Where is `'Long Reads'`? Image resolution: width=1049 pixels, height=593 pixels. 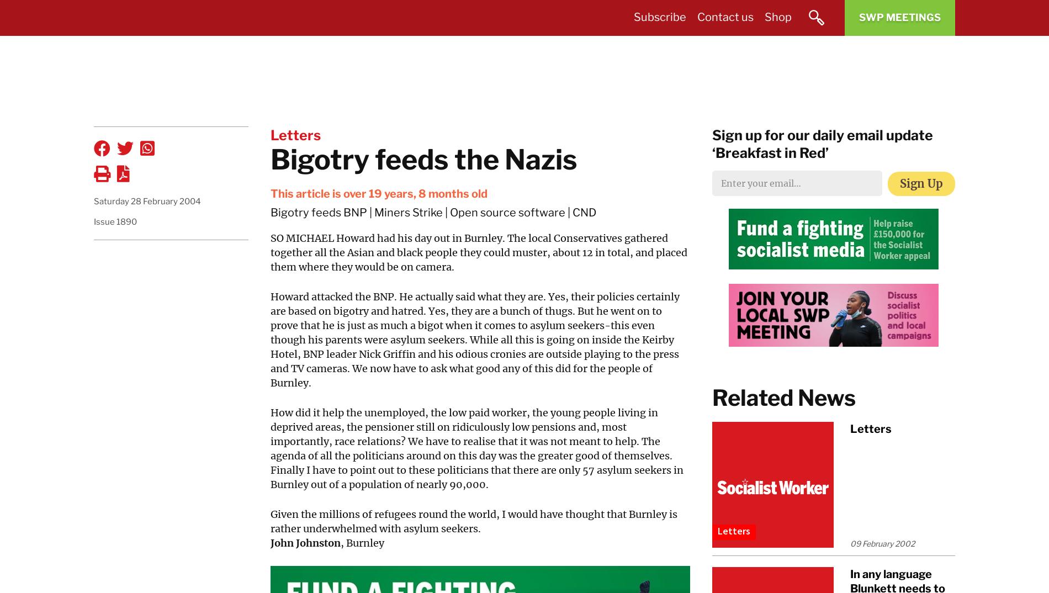 'Long Reads' is located at coordinates (595, 163).